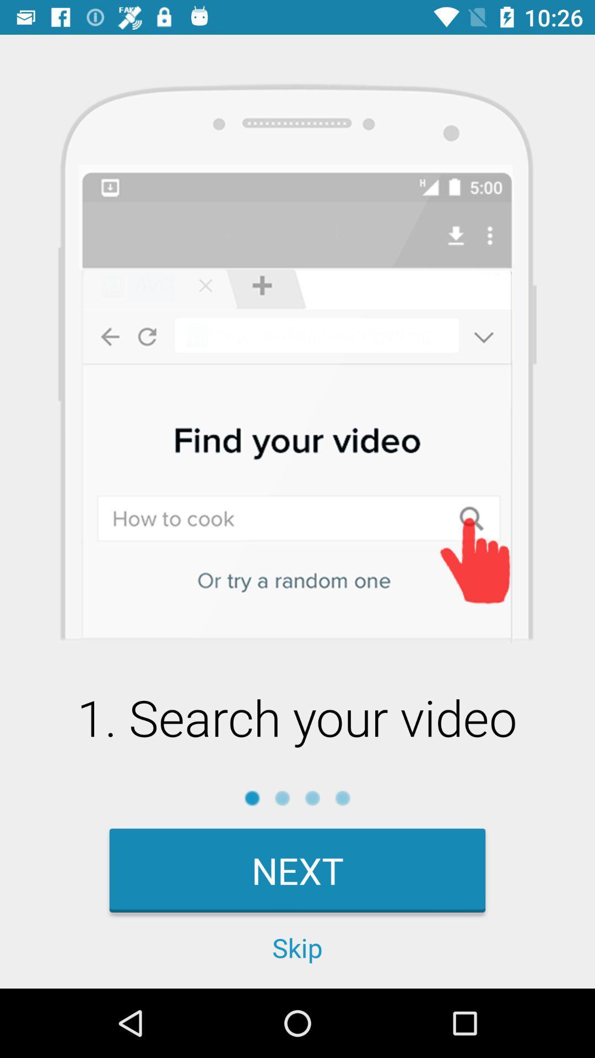  I want to click on skip item, so click(297, 947).